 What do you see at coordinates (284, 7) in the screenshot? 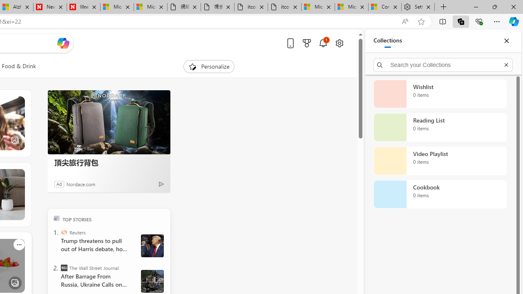
I see `'itconcepthk.com/projector_solutions.mp4'` at bounding box center [284, 7].